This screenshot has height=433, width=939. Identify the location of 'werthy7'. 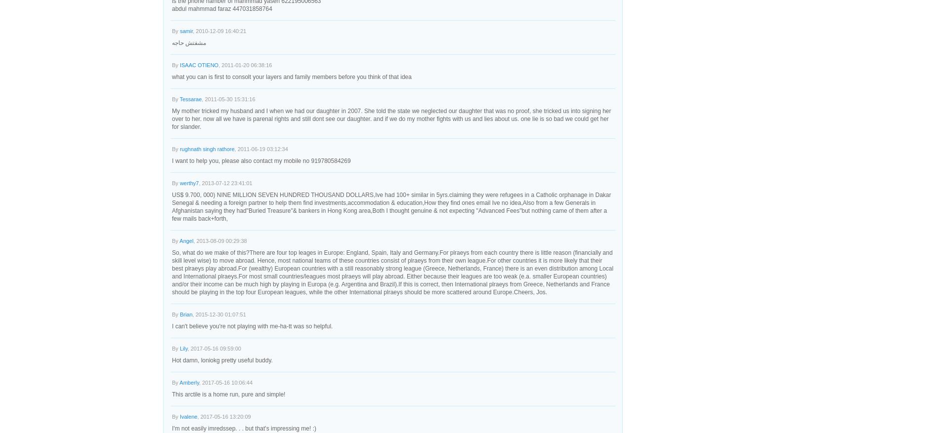
(188, 183).